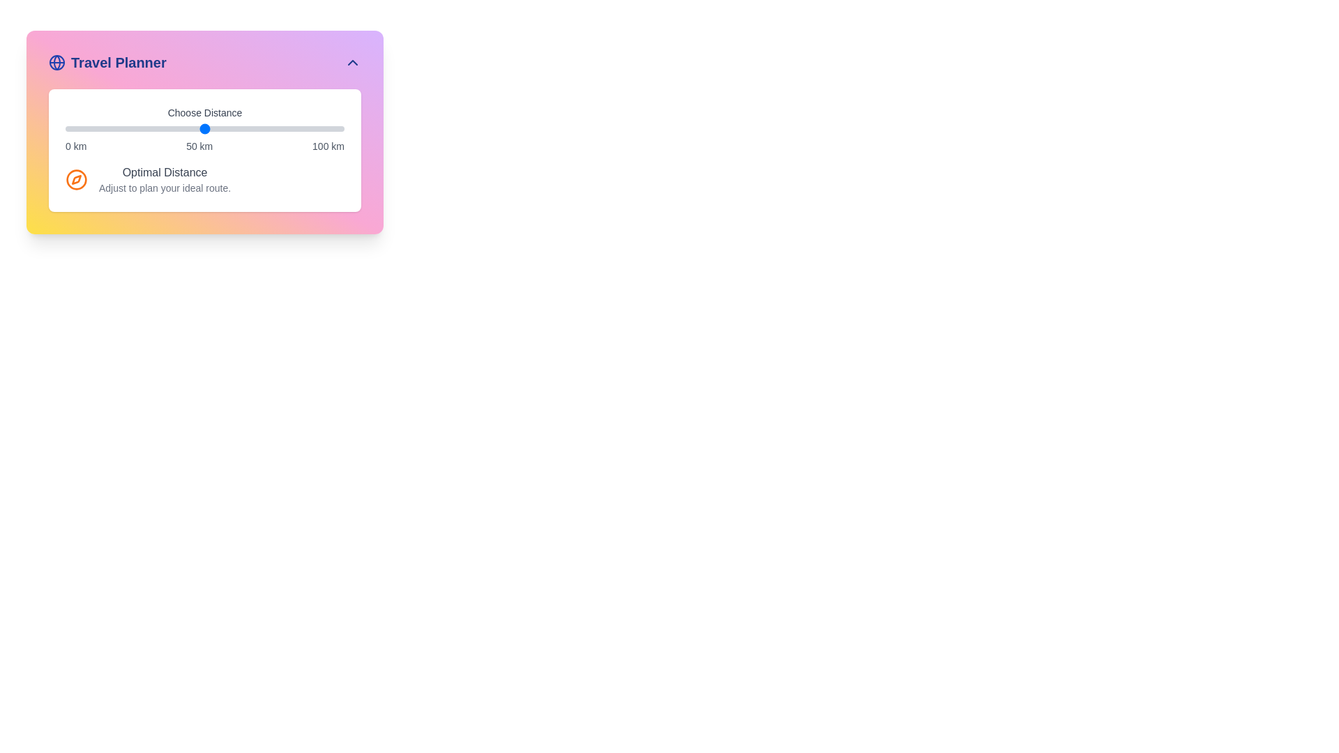  Describe the element at coordinates (100, 129) in the screenshot. I see `the distance slider` at that location.